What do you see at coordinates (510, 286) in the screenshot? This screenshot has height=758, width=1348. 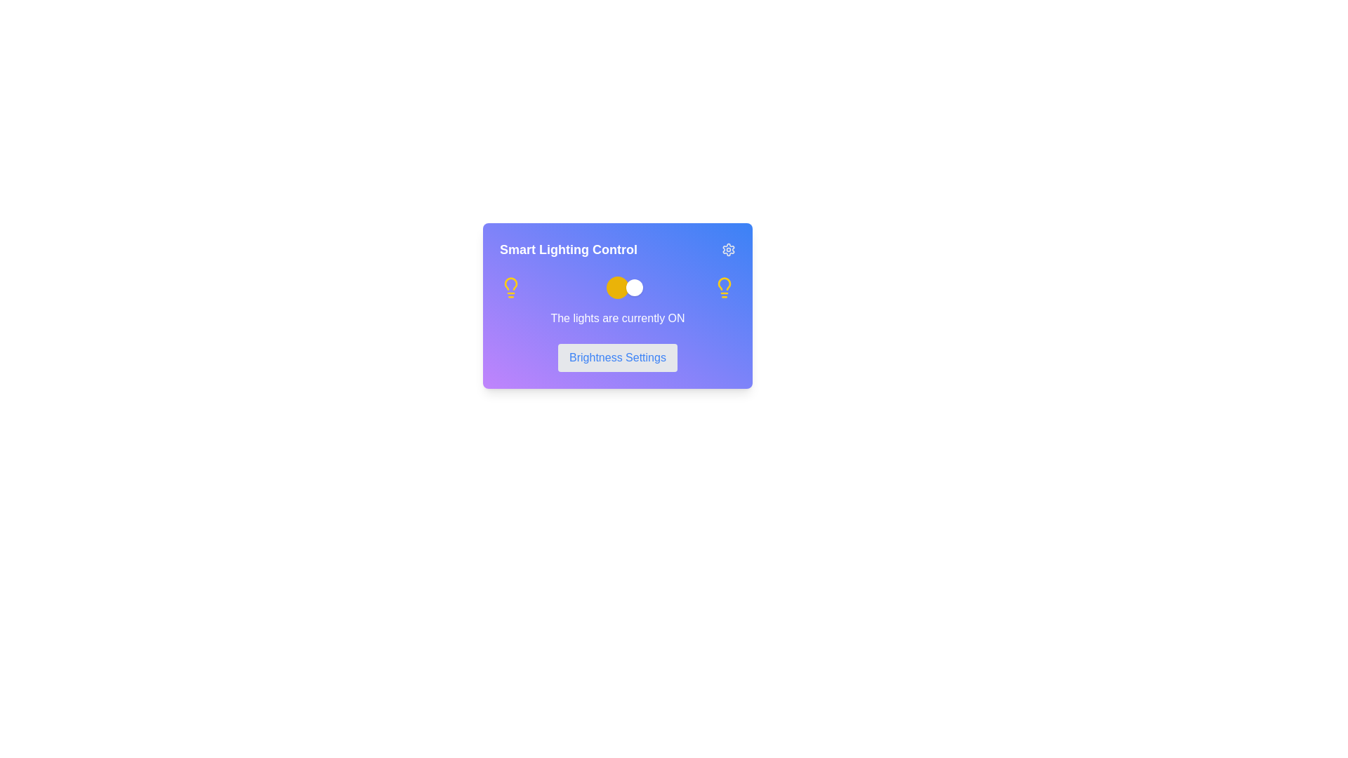 I see `the lighting control icon located at the left side of the horizontal panel inside the purple card, which serves as a visual indicator for toggling or indicating the state of the lighting system` at bounding box center [510, 286].